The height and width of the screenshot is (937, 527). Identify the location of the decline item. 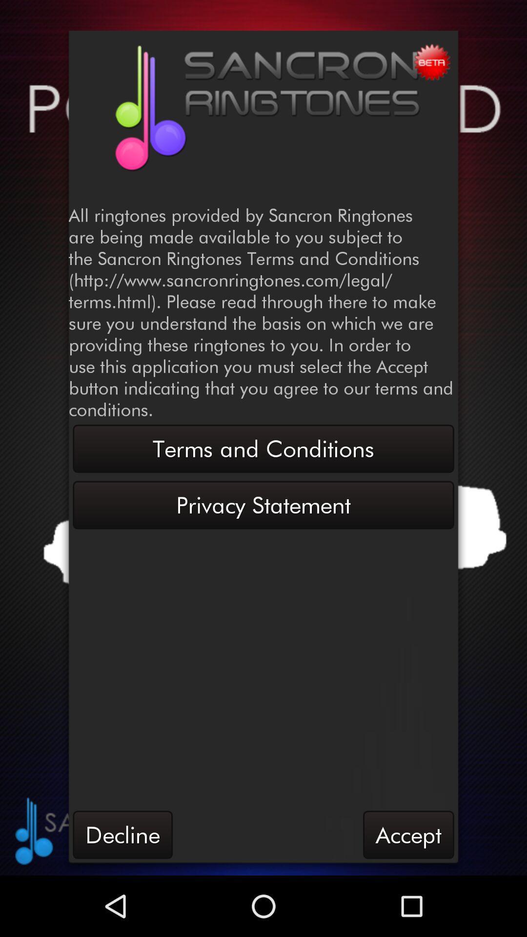
(122, 834).